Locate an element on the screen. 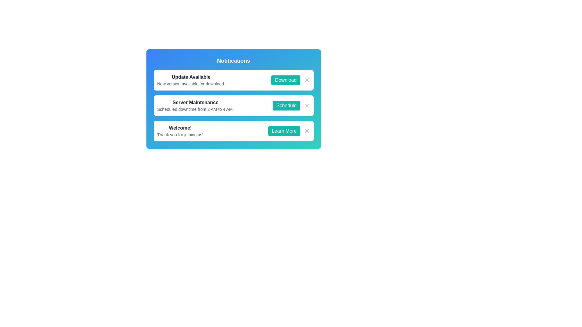  the Download button is located at coordinates (285, 80).